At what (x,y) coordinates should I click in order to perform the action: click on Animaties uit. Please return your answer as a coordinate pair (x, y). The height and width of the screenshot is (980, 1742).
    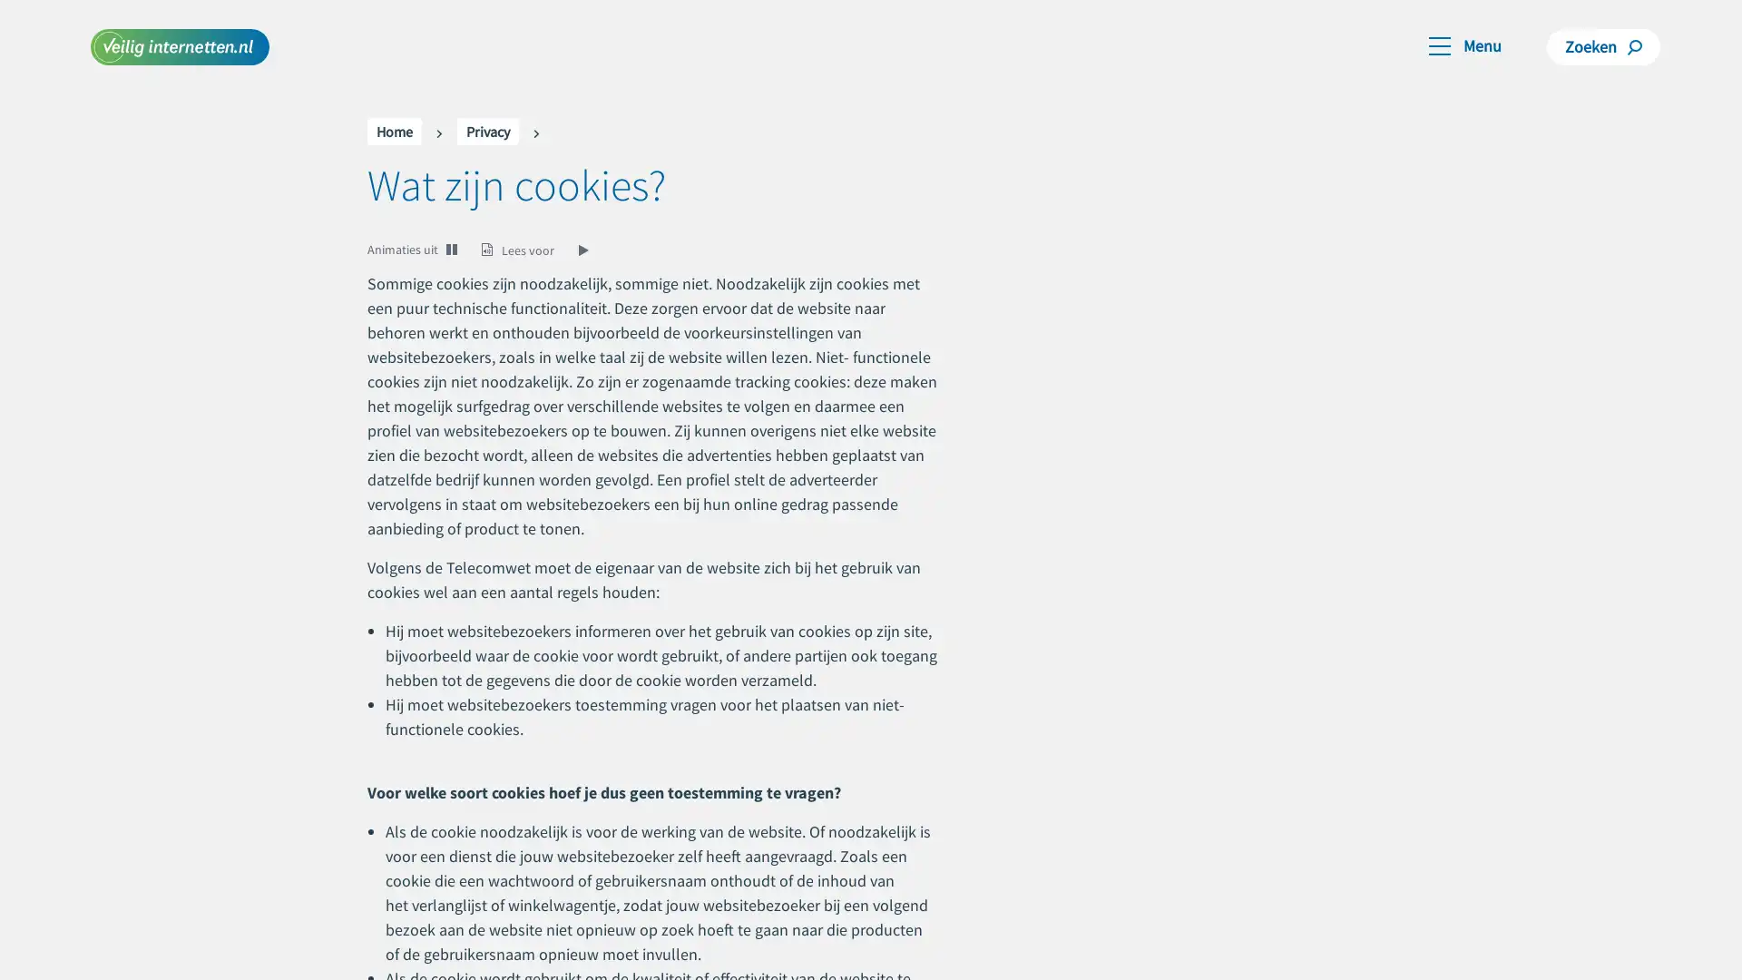
    Looking at the image, I should click on (402, 249).